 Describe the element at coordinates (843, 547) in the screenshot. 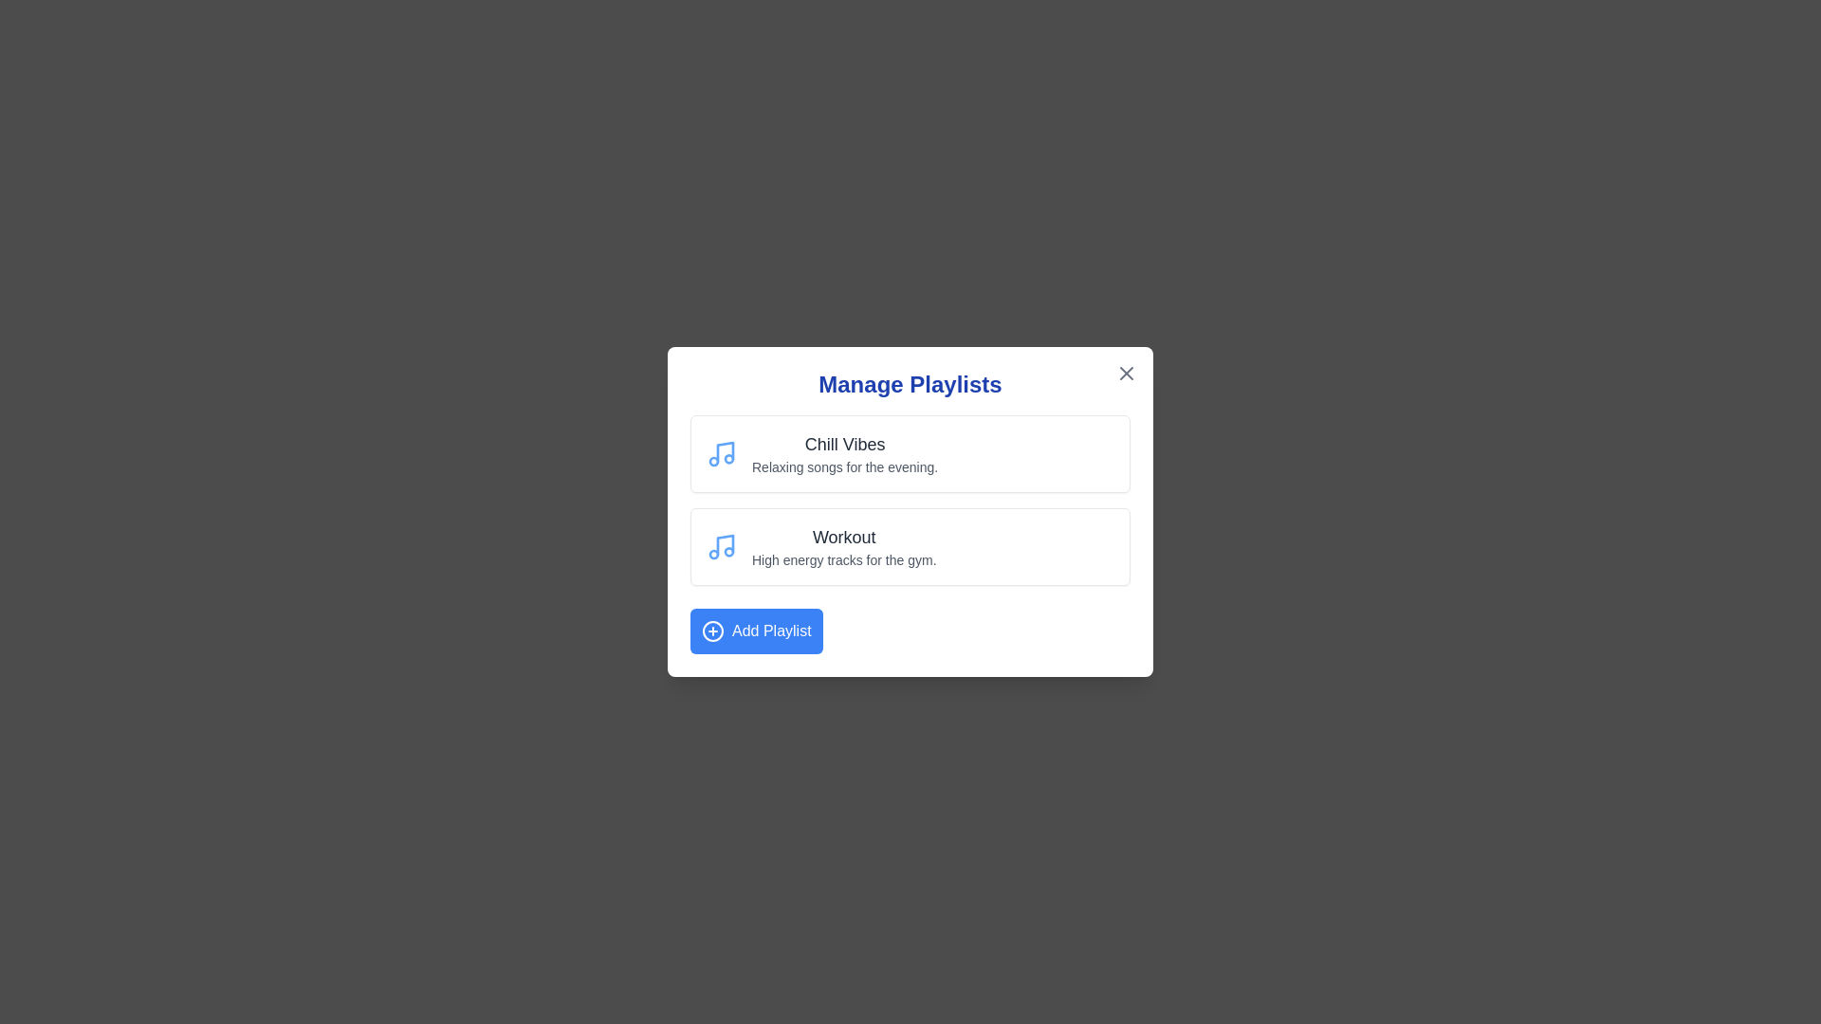

I see `the second playlist item in the 'Manage Playlists' modal dialog` at that location.